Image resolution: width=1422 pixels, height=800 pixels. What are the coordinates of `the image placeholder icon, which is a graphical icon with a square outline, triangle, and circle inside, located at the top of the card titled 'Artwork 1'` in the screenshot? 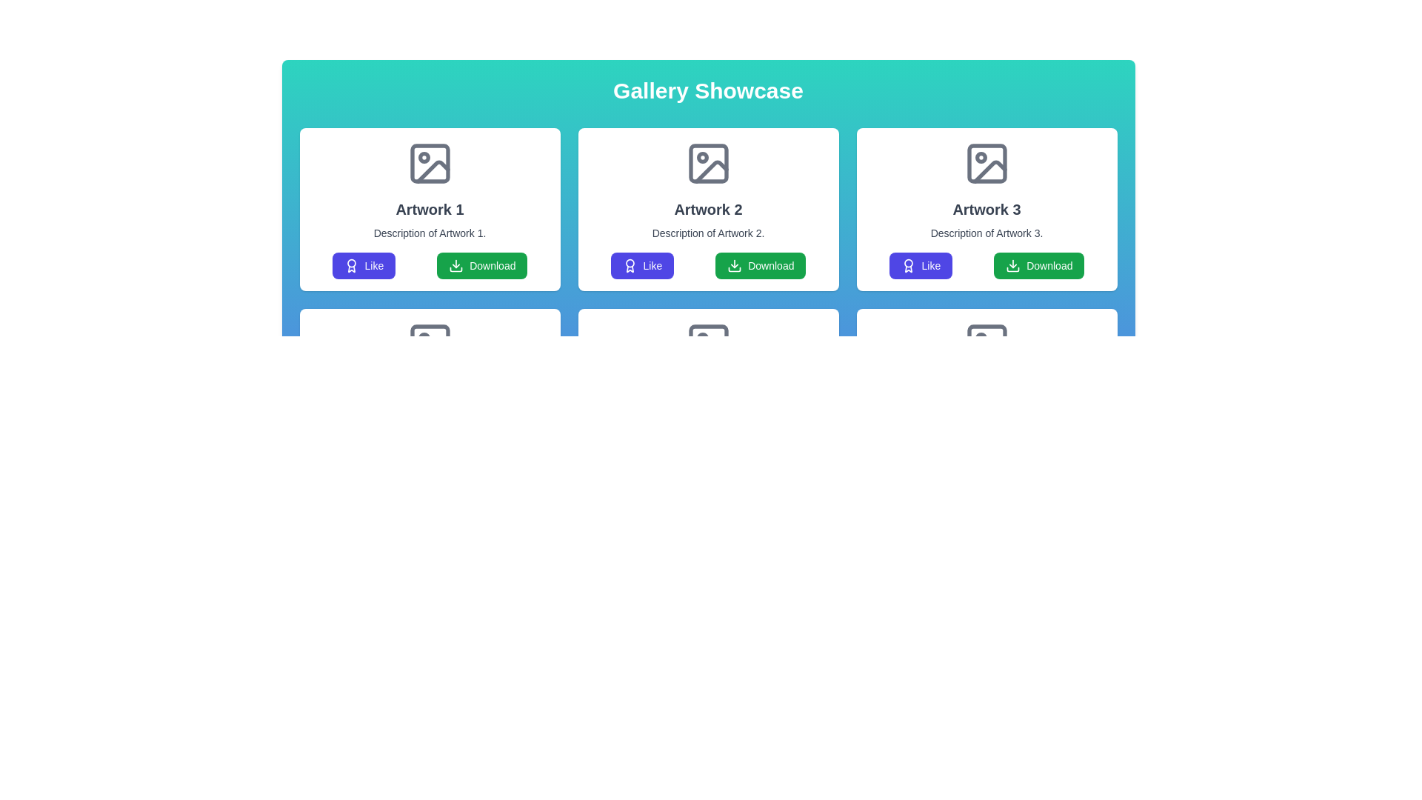 It's located at (429, 163).